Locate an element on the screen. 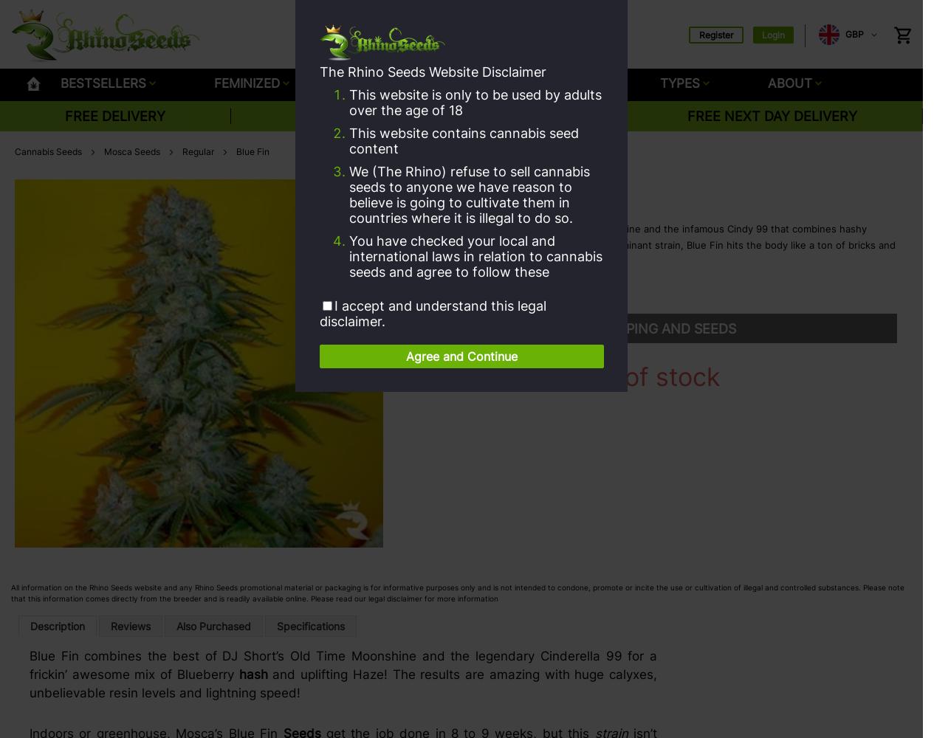 This screenshot has height=738, width=934. 'and uplifting Haze! The results are amazing with huge calyxes, unbelievable resin levels and lightning speed!' is located at coordinates (343, 683).